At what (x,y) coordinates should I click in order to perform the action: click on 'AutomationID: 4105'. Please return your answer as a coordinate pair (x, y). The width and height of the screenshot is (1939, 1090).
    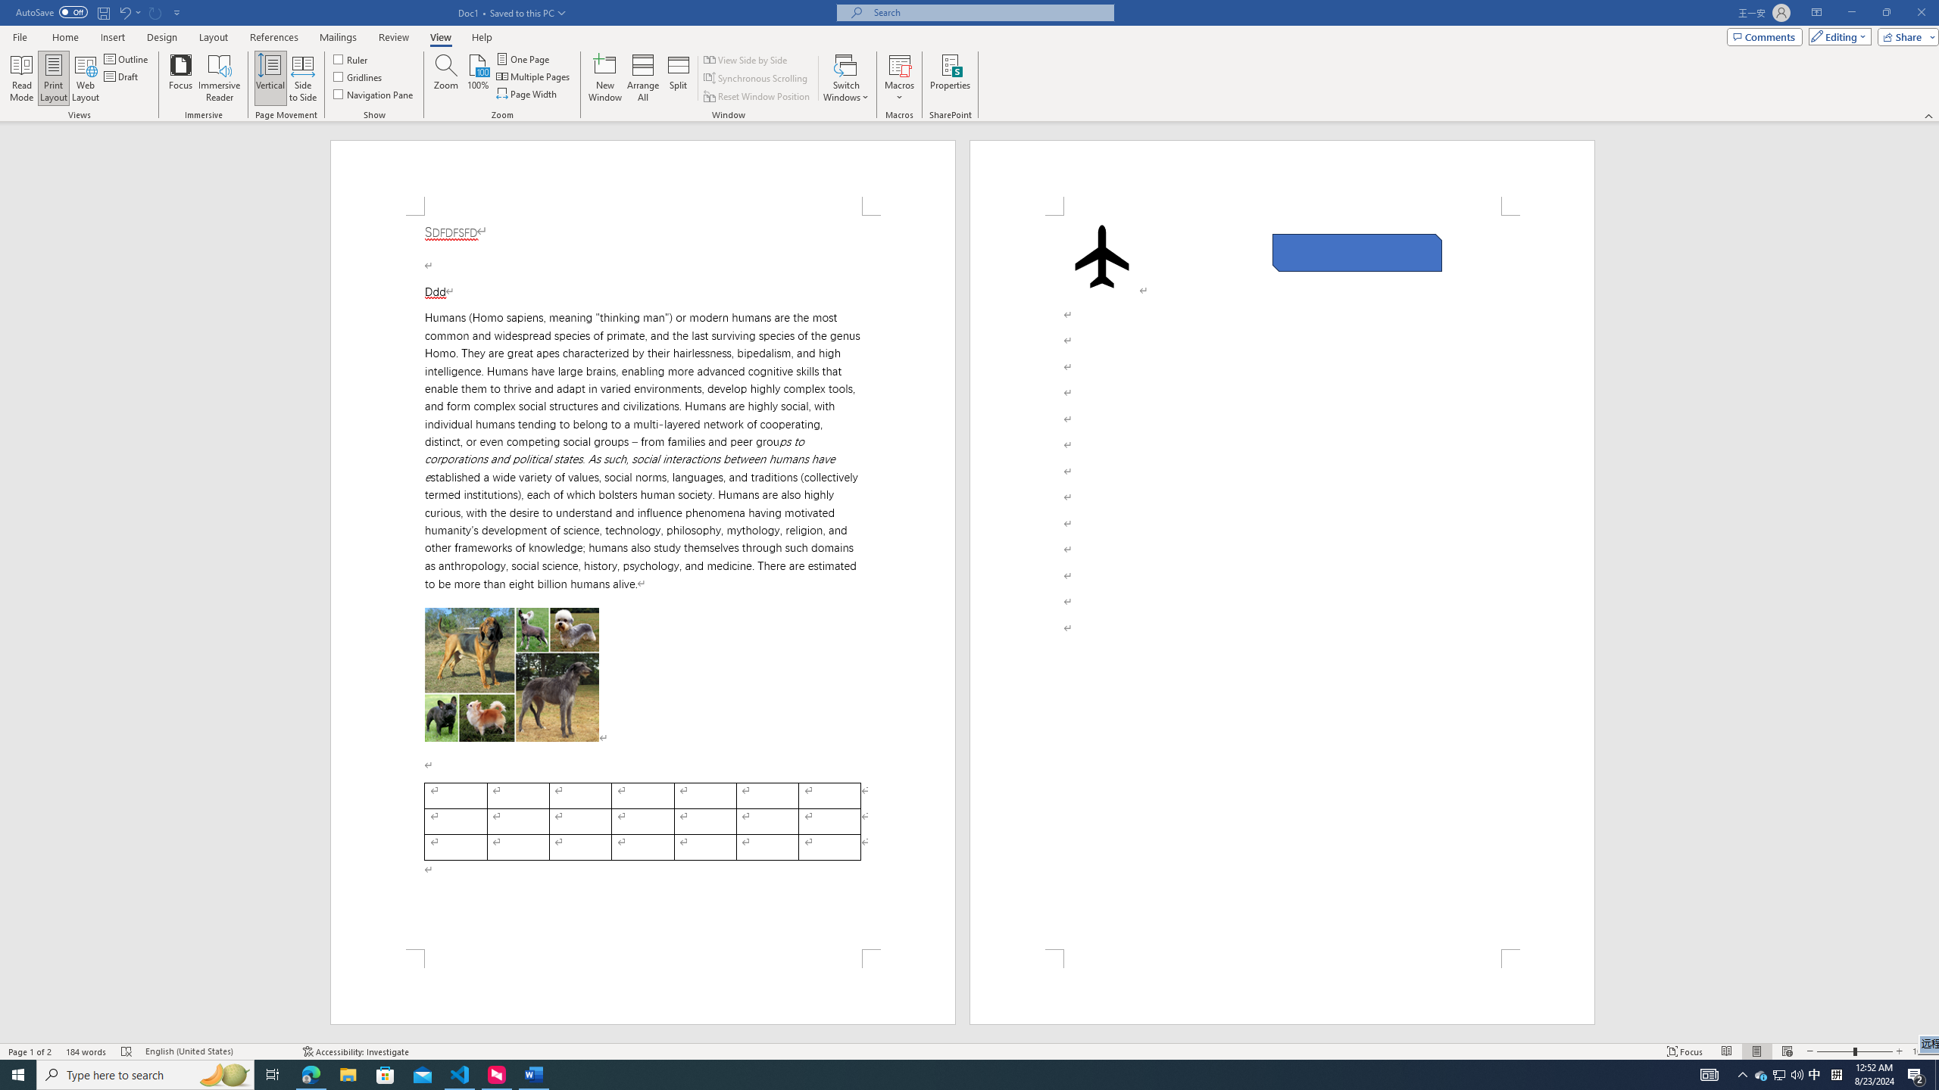
    Looking at the image, I should click on (1708, 1073).